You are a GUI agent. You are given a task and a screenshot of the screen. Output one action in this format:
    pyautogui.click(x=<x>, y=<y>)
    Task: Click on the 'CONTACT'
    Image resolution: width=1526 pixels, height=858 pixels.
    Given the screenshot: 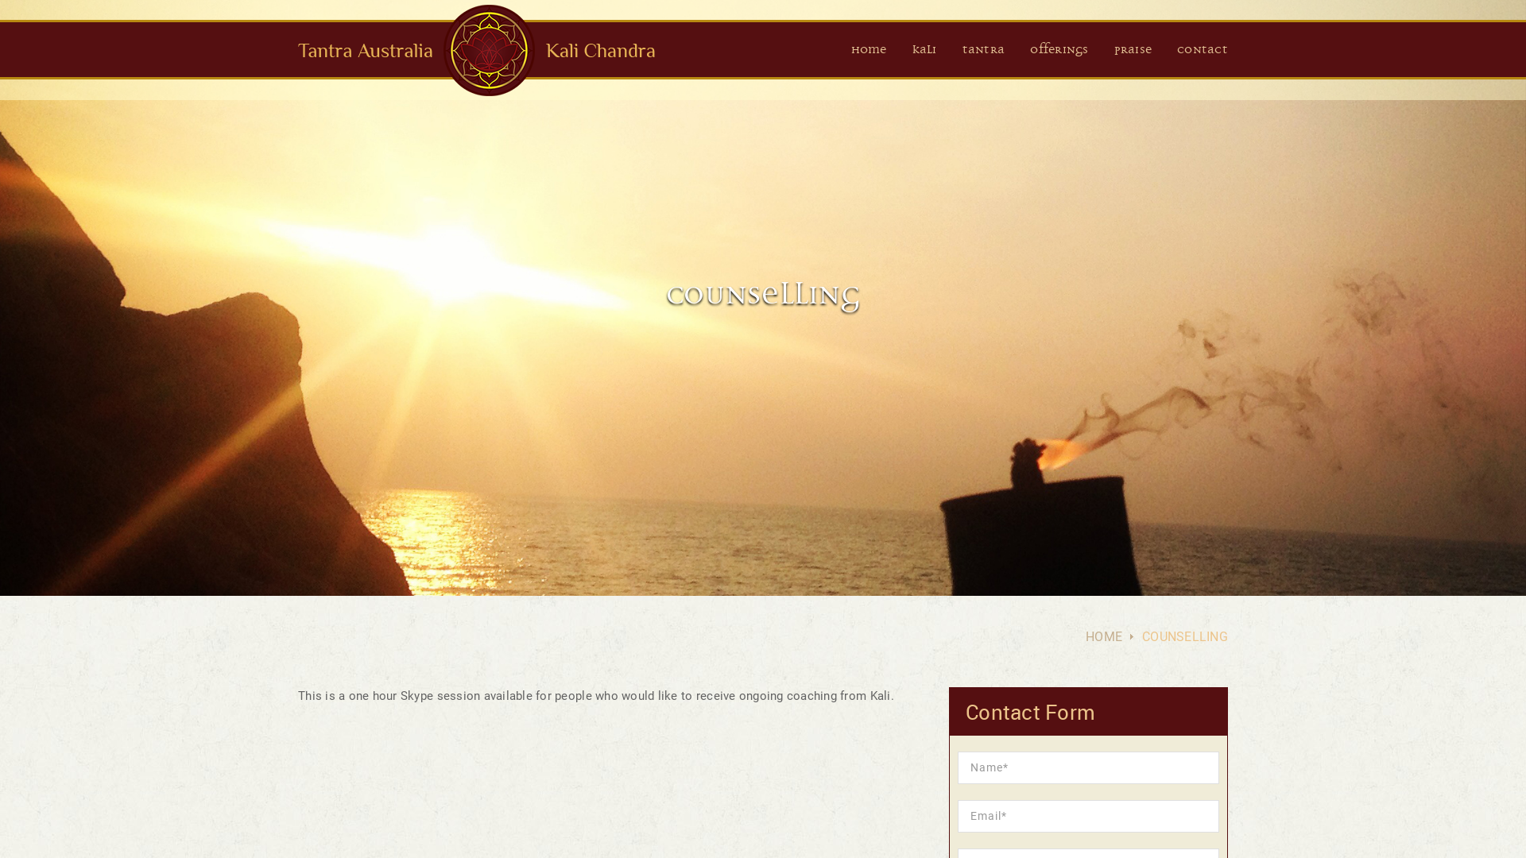 What is the action you would take?
    pyautogui.click(x=1202, y=50)
    